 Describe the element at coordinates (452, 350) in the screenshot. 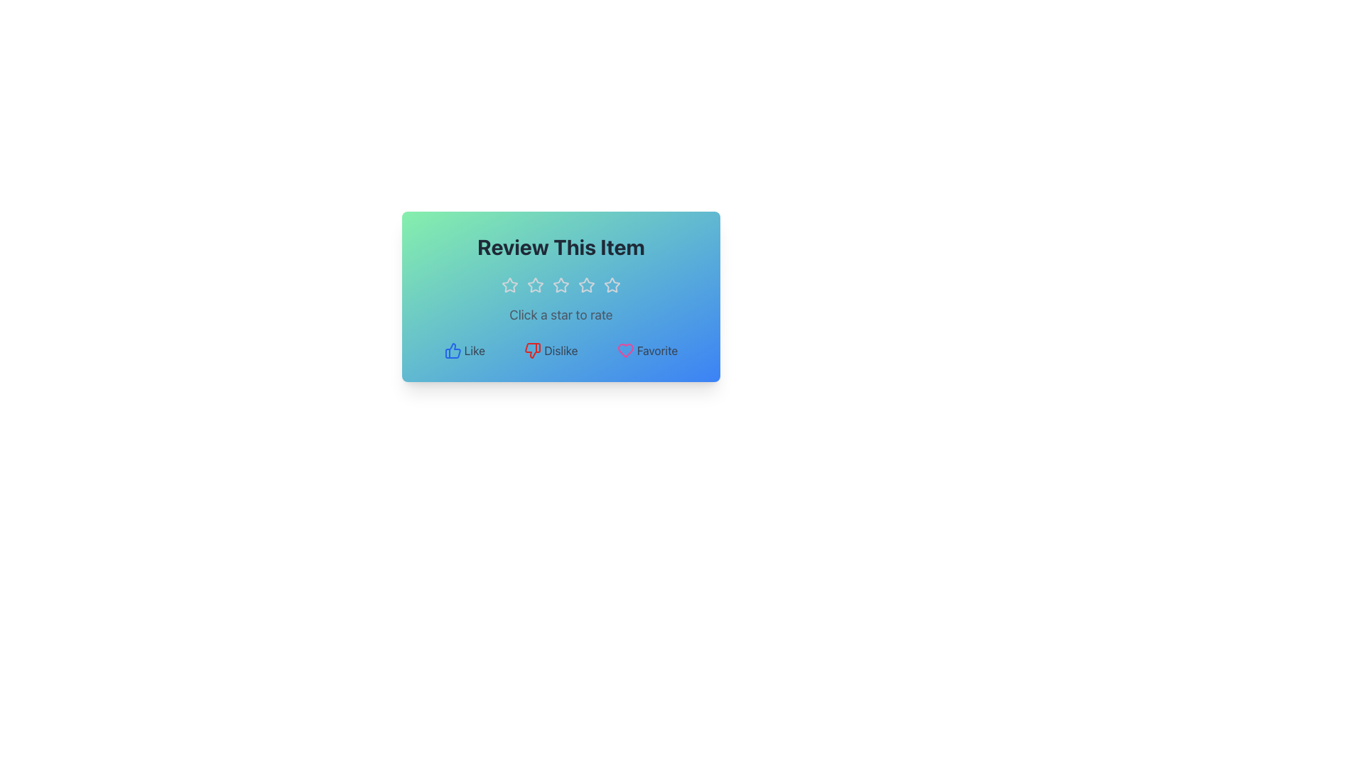

I see `the thumbs-up icon with blue outlines located in the bottom-left section of the component card` at that location.